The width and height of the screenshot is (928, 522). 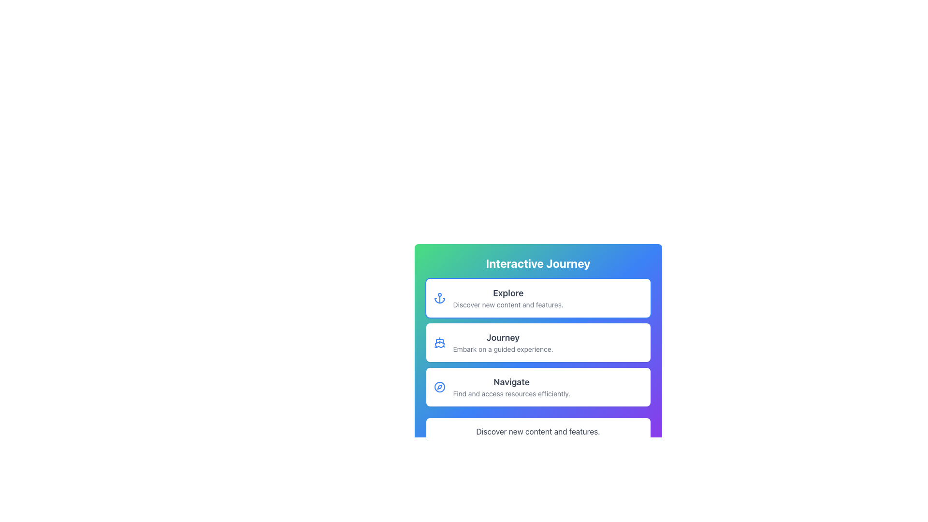 What do you see at coordinates (503, 342) in the screenshot?
I see `the text content element titled 'Journey' which includes a bold heading and a description aligned centrally in a card below 'Explore'` at bounding box center [503, 342].